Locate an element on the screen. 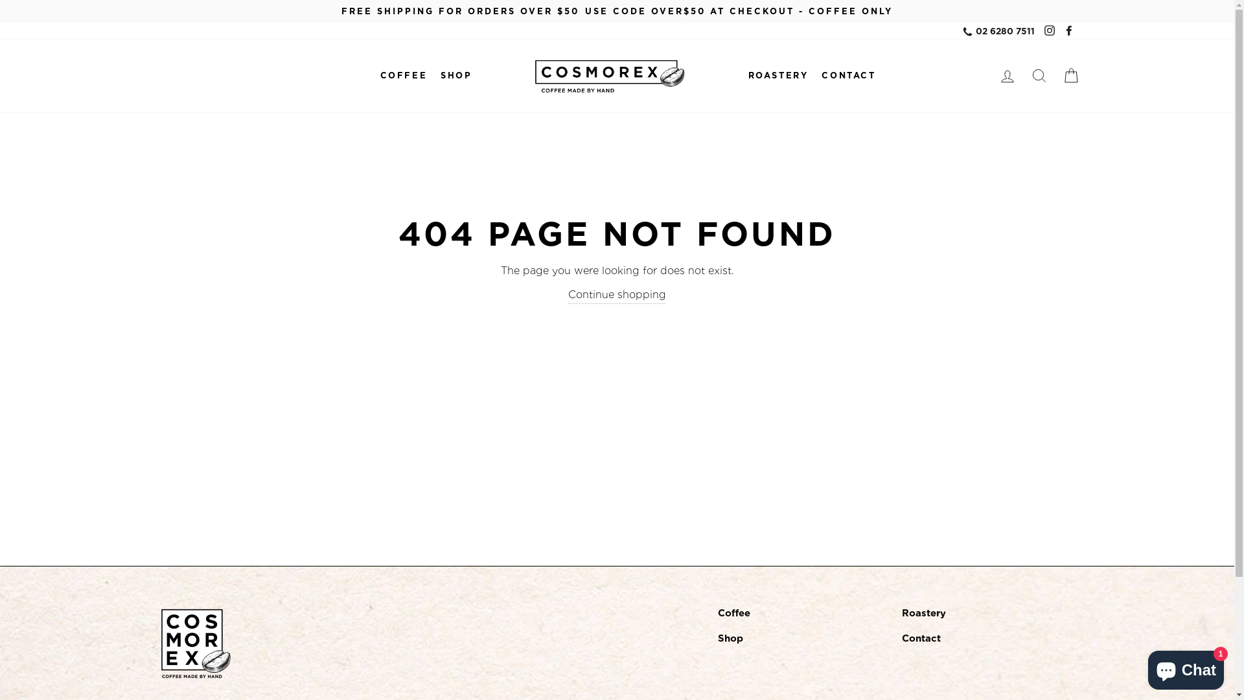  'CONTACT' is located at coordinates (848, 75).